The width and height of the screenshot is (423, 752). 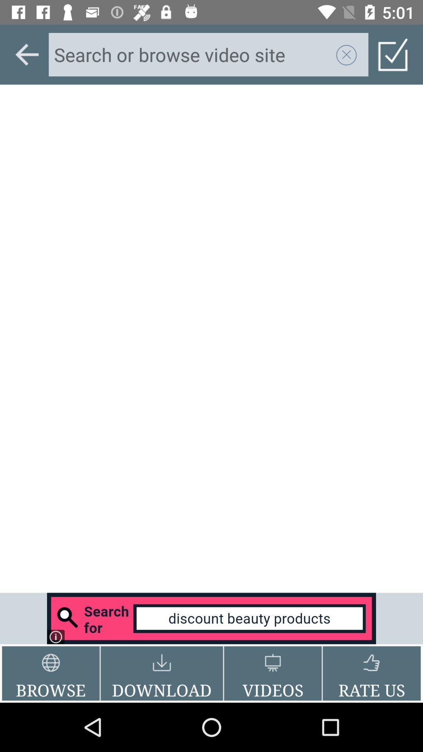 What do you see at coordinates (192, 54) in the screenshot?
I see `search topic` at bounding box center [192, 54].